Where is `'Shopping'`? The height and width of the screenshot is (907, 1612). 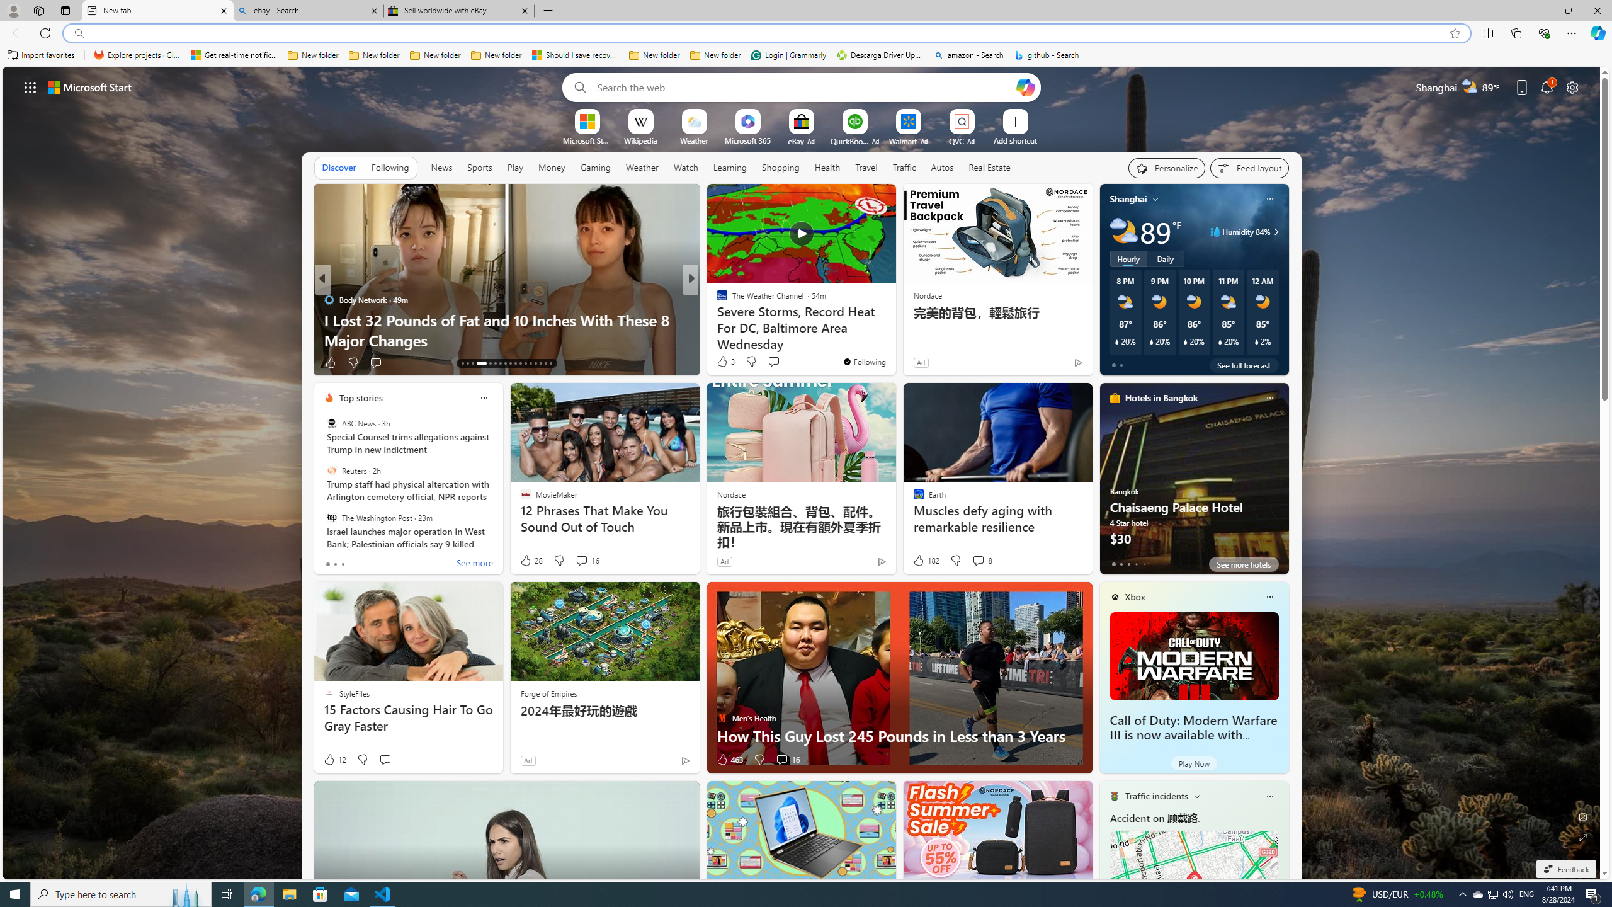 'Shopping' is located at coordinates (780, 167).